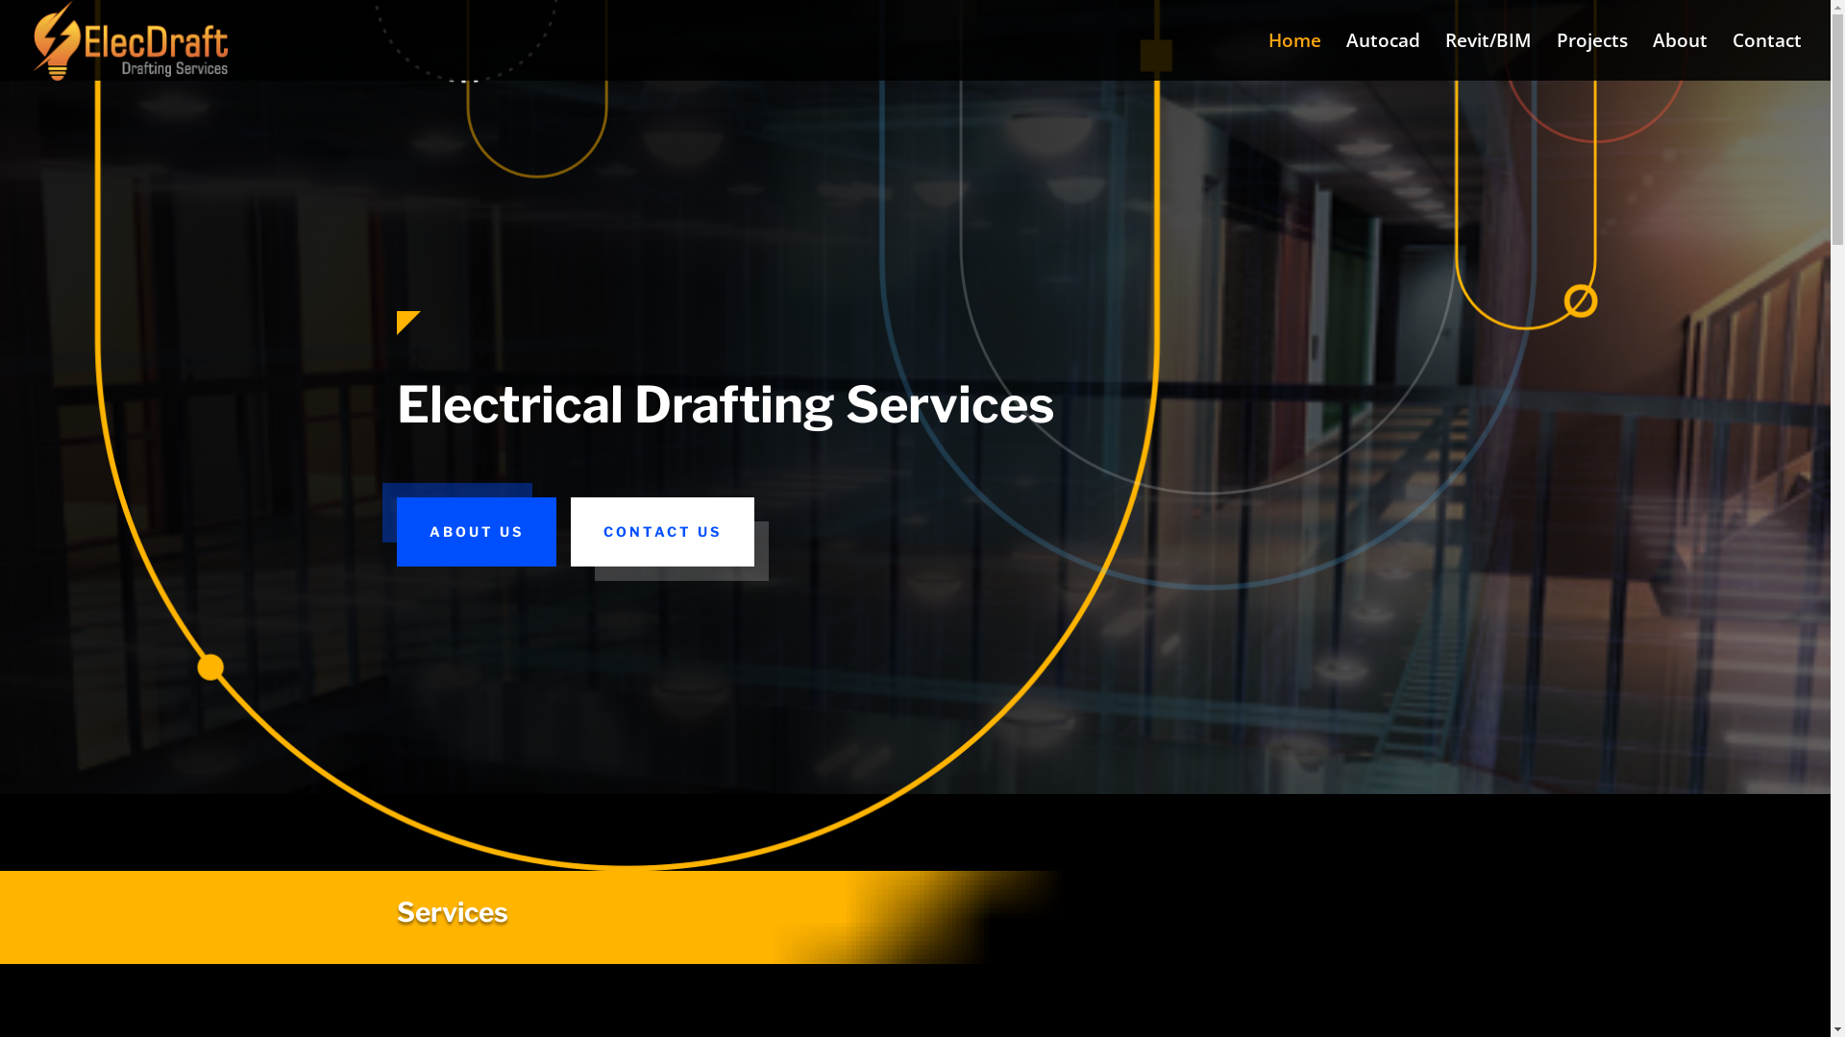 The height and width of the screenshot is (1037, 1845). I want to click on 'Home', so click(1294, 56).